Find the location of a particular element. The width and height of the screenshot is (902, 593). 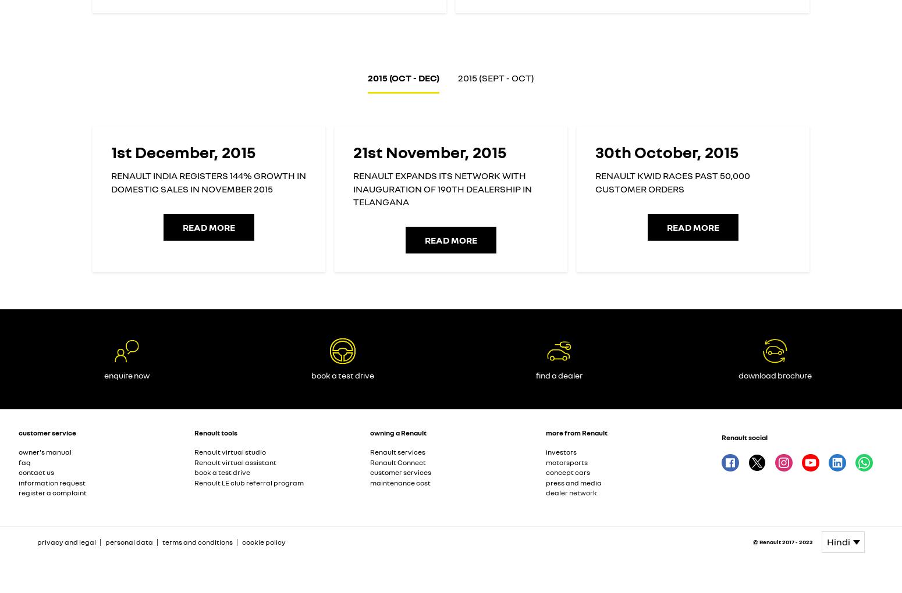

'more from Renault' is located at coordinates (576, 432).